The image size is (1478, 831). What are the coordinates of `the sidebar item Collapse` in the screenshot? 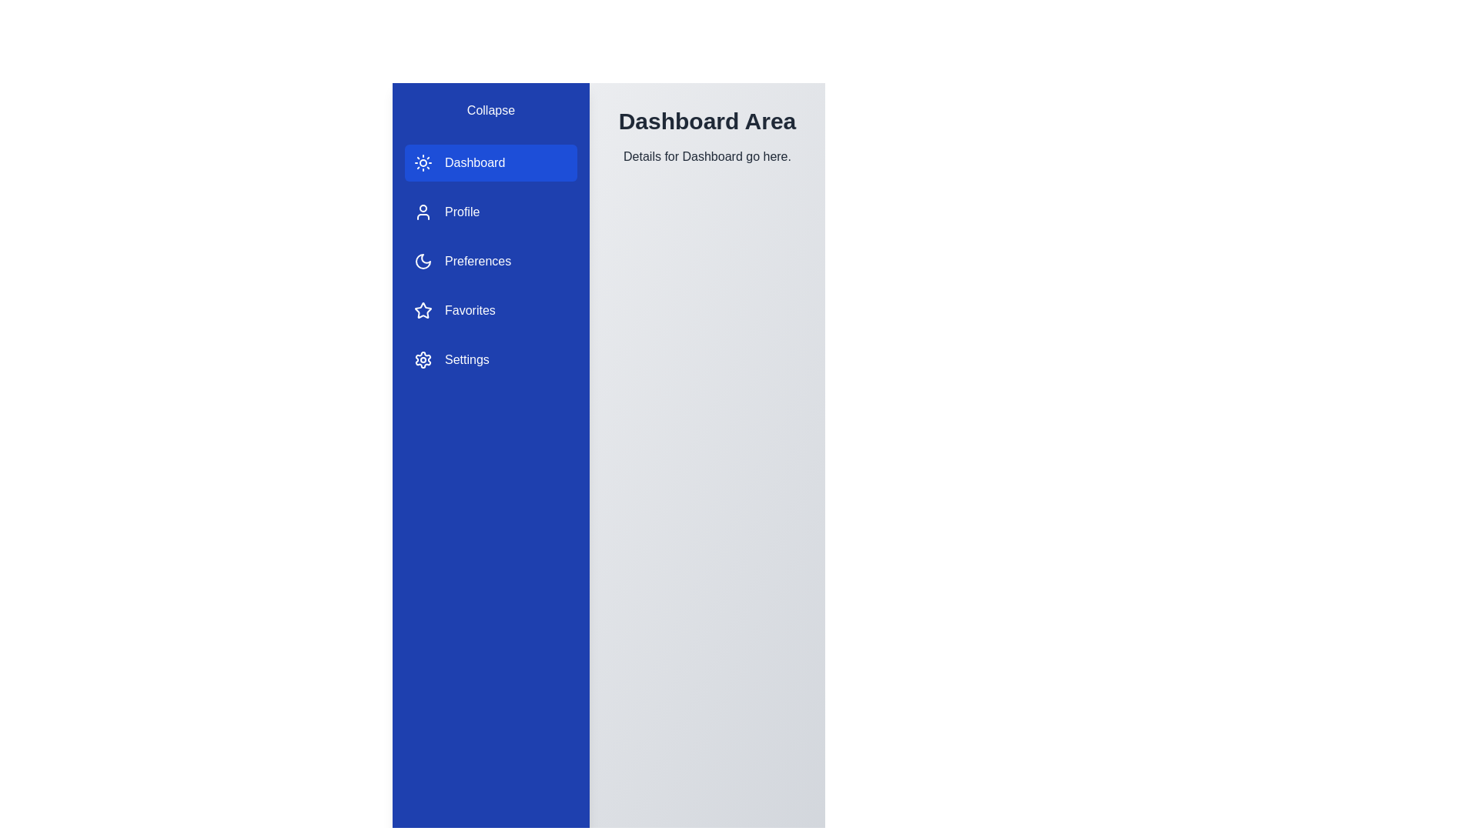 It's located at (490, 109).